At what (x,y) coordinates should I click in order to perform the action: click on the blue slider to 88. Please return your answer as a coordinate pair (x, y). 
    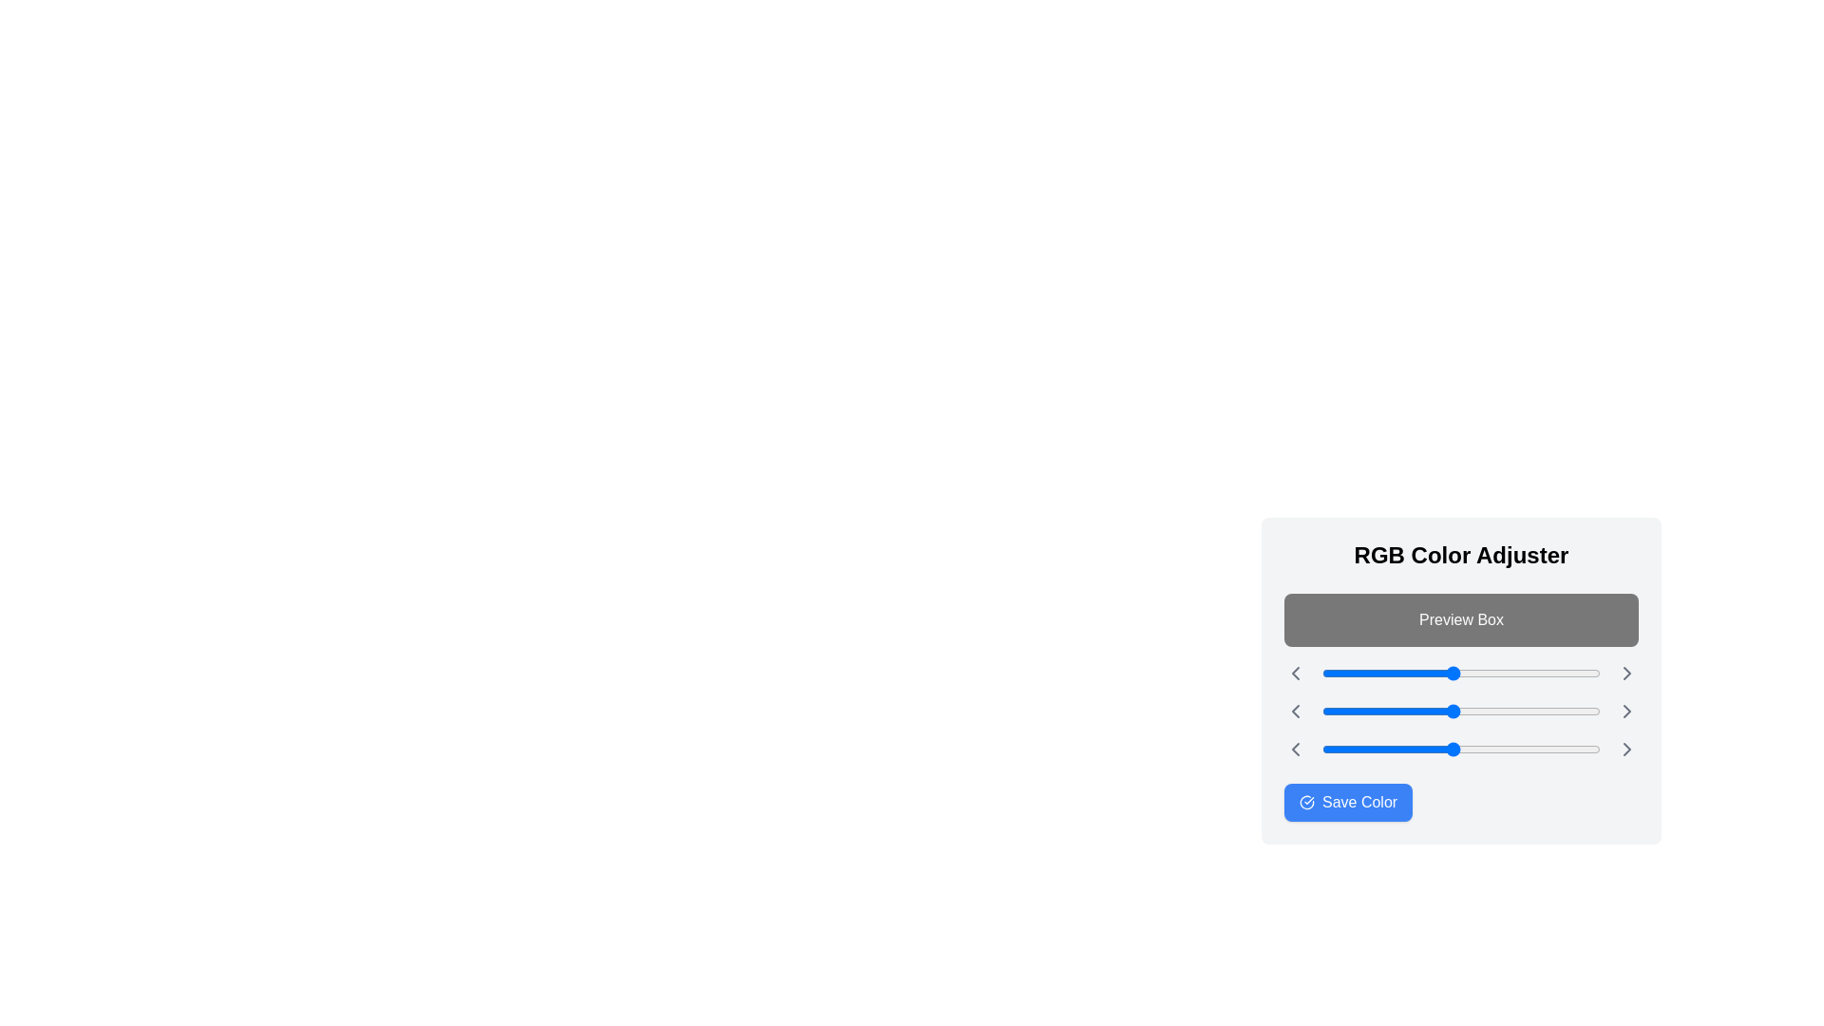
    Looking at the image, I should click on (1418, 749).